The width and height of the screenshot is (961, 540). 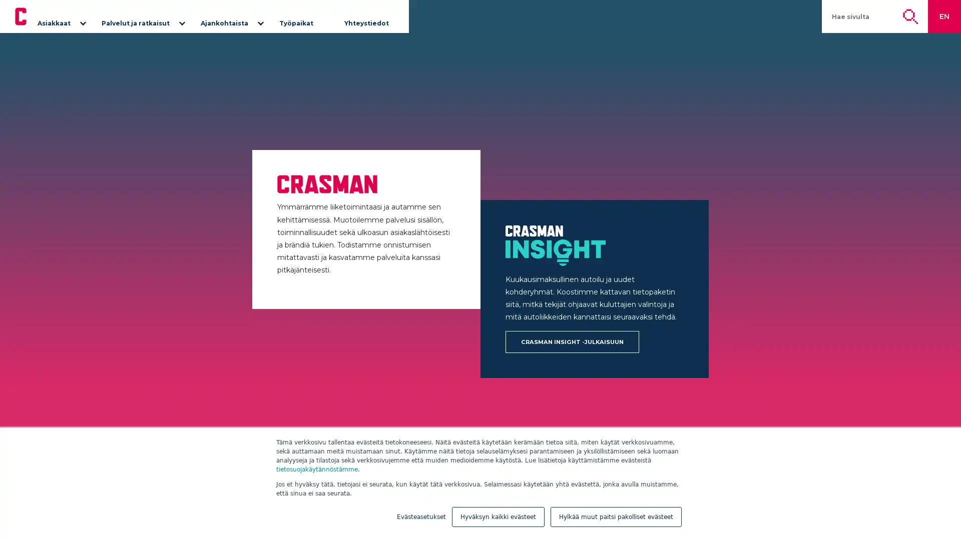 I want to click on Hylkaa muut paitsi pakolliset evasteet, so click(x=615, y=516).